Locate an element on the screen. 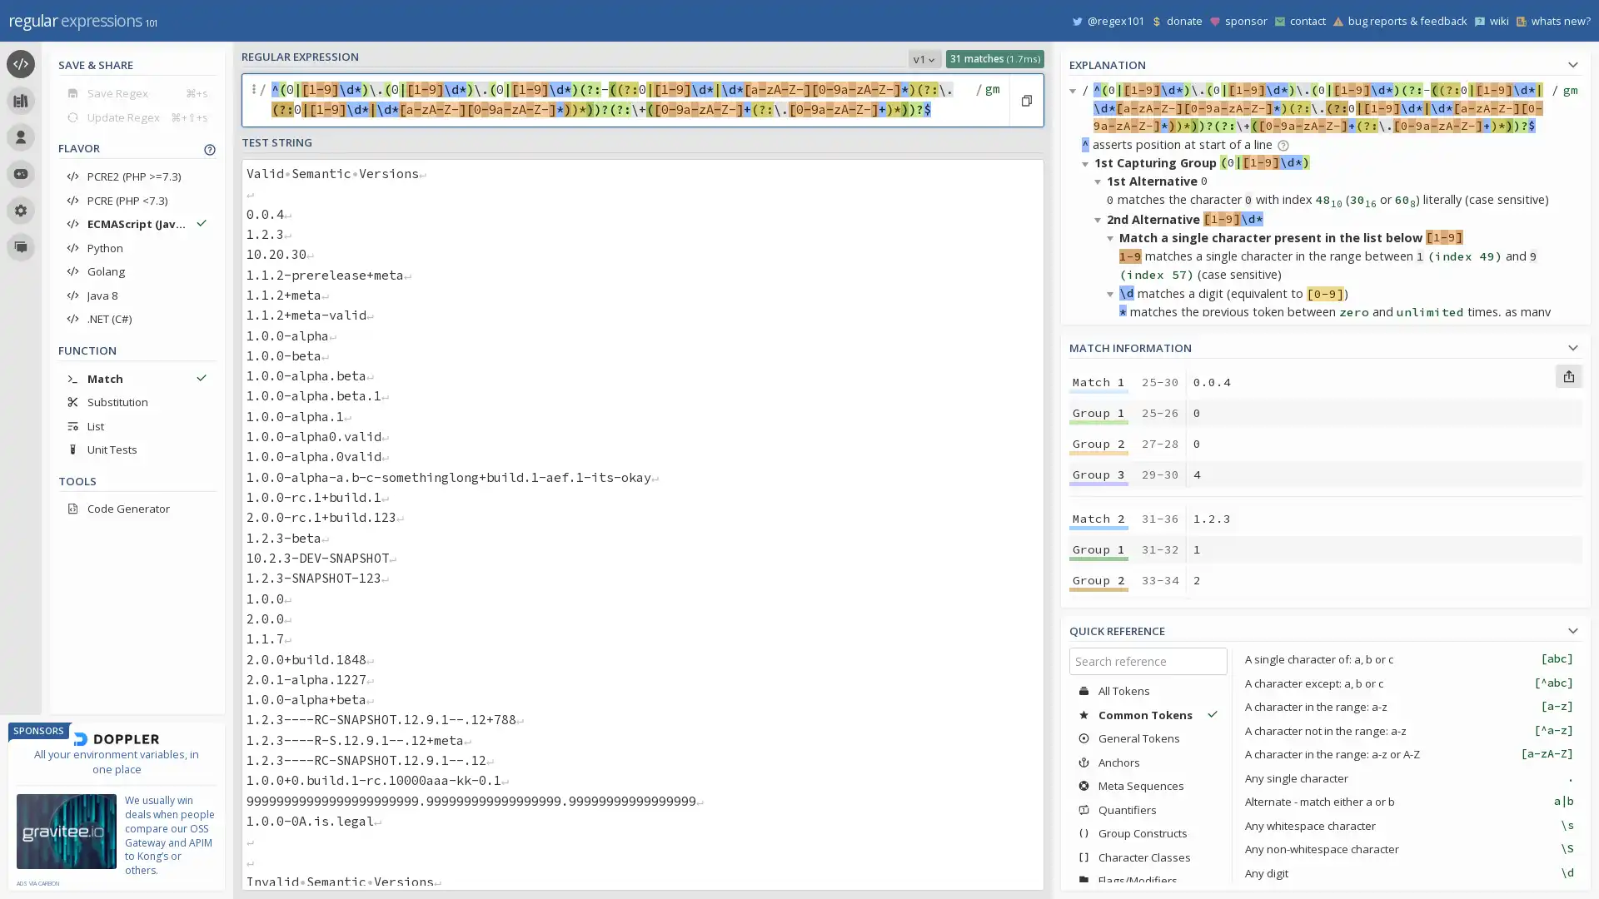 This screenshot has height=899, width=1599. Group 3 is located at coordinates (1098, 882).